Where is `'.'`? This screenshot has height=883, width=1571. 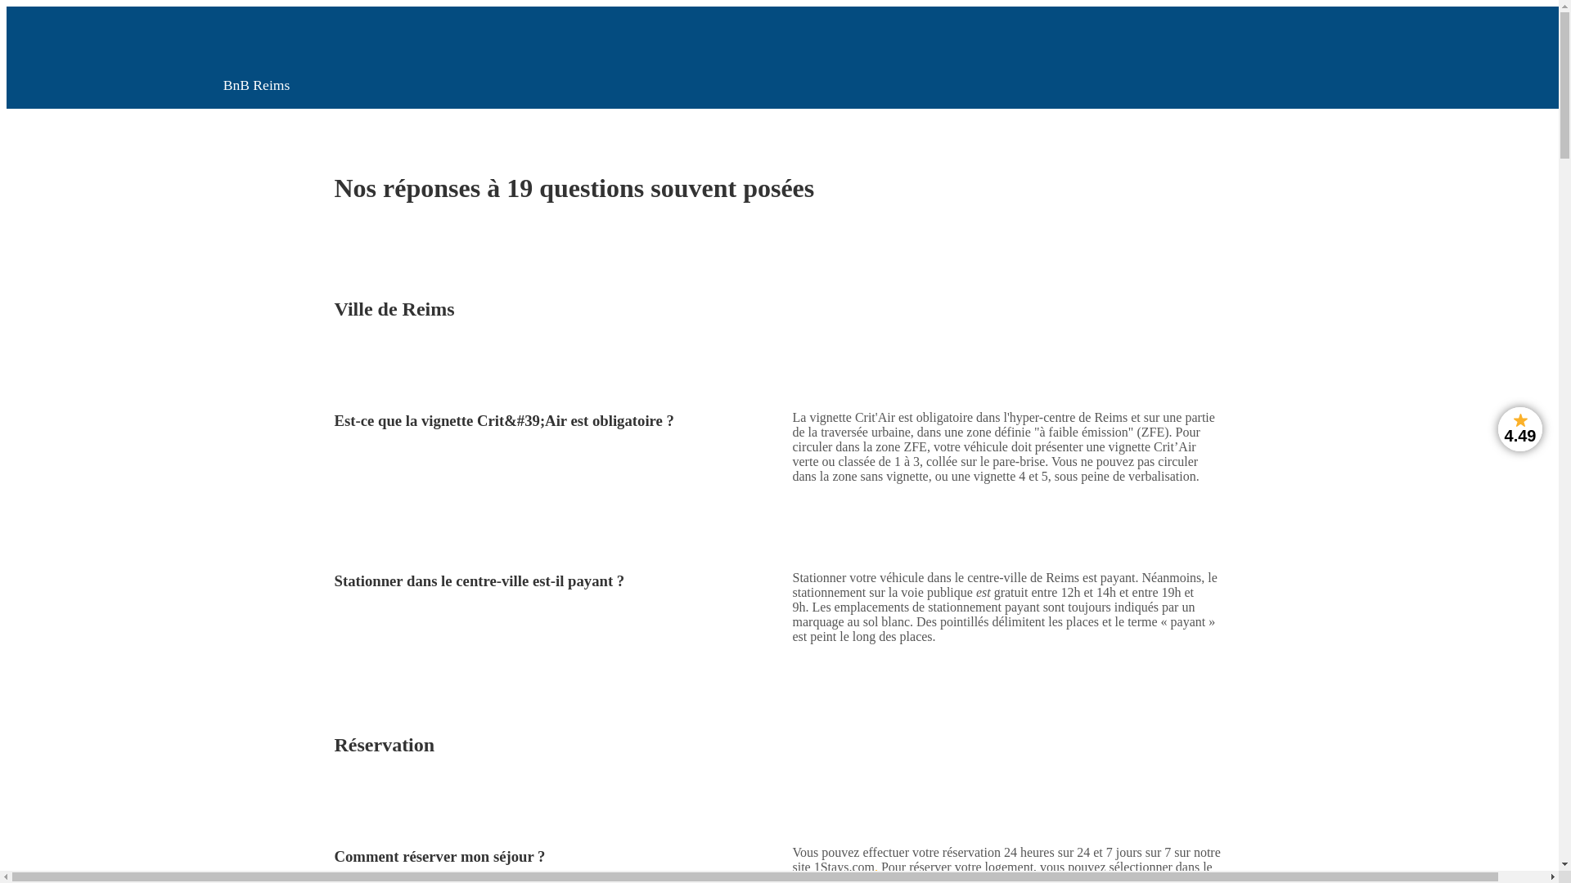
'.' is located at coordinates (875, 866).